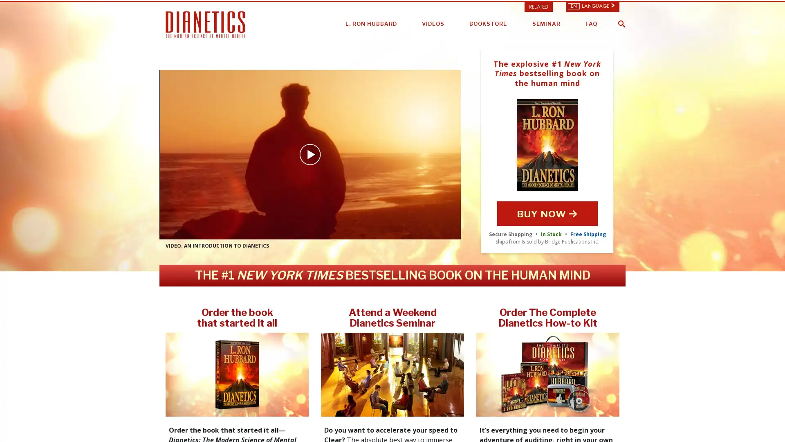 This screenshot has width=785, height=442. I want to click on Play Video, so click(310, 155).